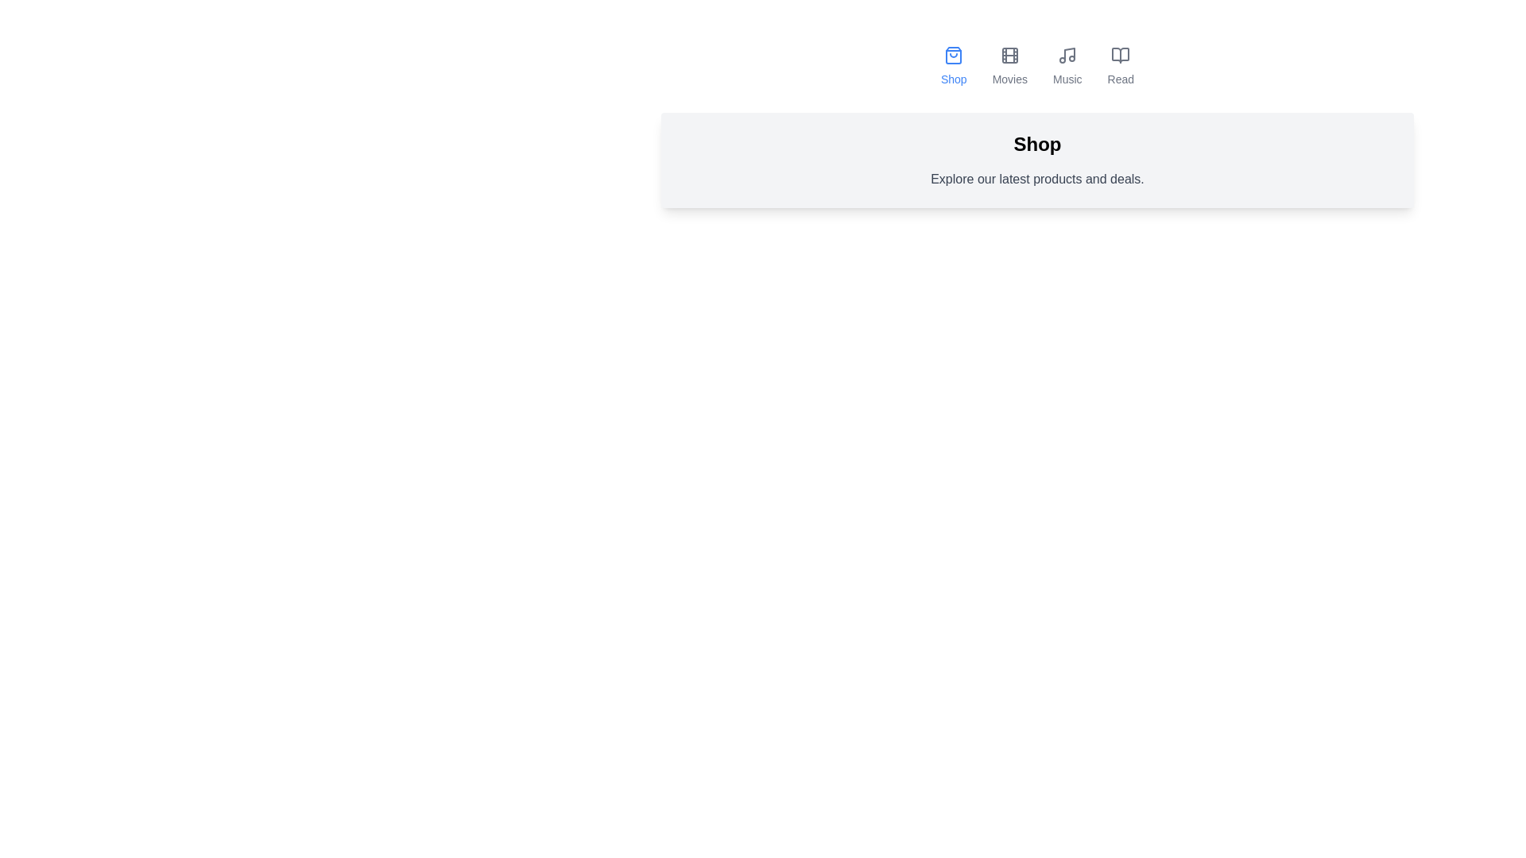 This screenshot has width=1526, height=858. I want to click on the tab labeled Shop to display its content, so click(954, 66).